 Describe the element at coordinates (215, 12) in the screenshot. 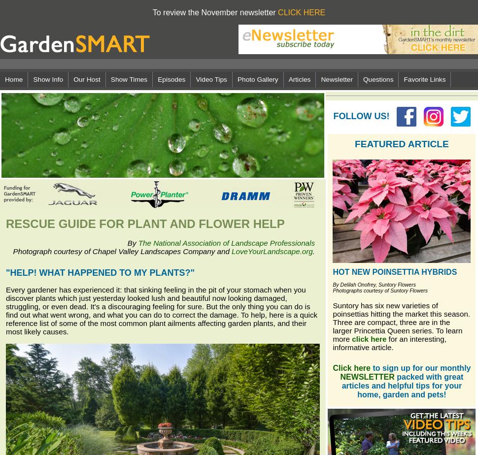

I see `'To review the November newsletter'` at that location.